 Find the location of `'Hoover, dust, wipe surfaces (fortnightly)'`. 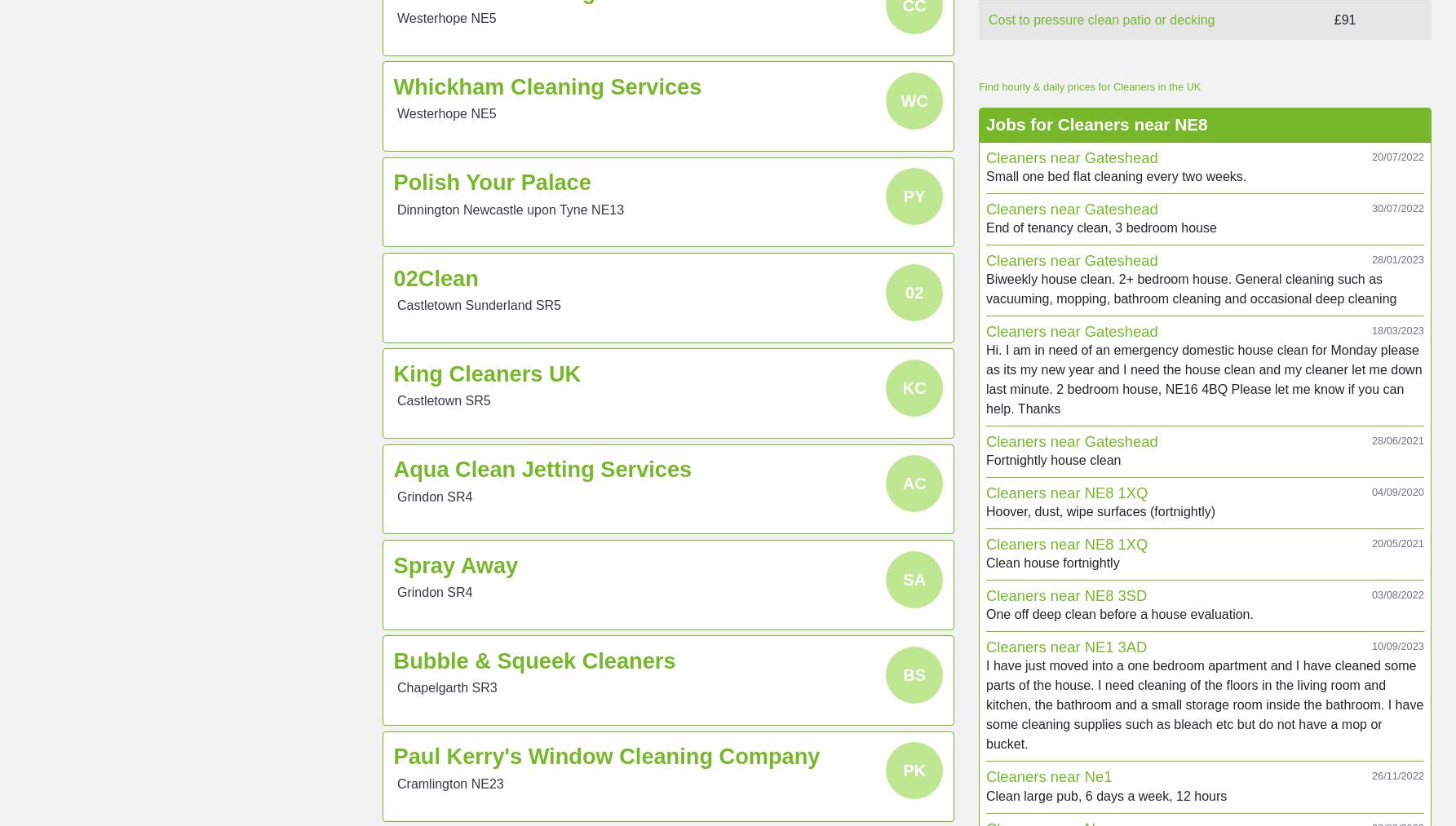

'Hoover, dust, wipe surfaces (fortnightly)' is located at coordinates (1100, 510).